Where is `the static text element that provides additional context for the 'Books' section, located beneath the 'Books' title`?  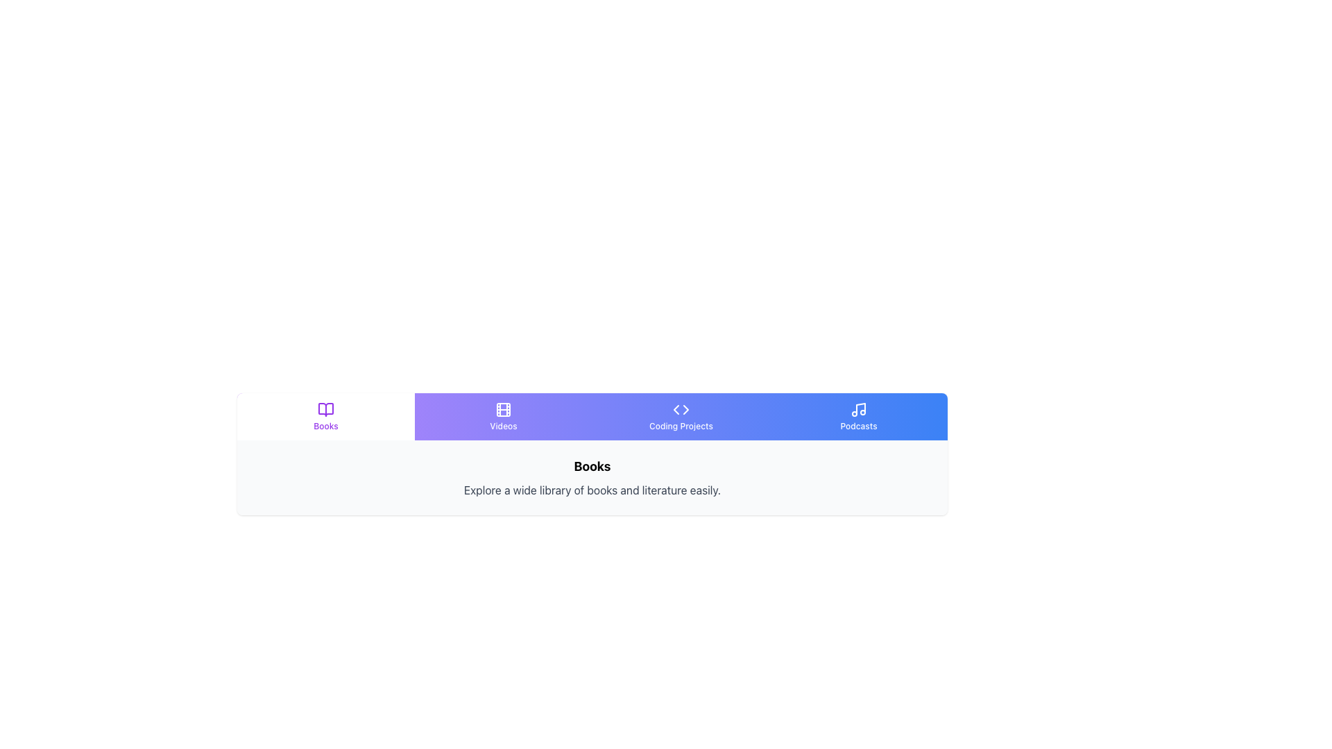
the static text element that provides additional context for the 'Books' section, located beneath the 'Books' title is located at coordinates (592, 489).